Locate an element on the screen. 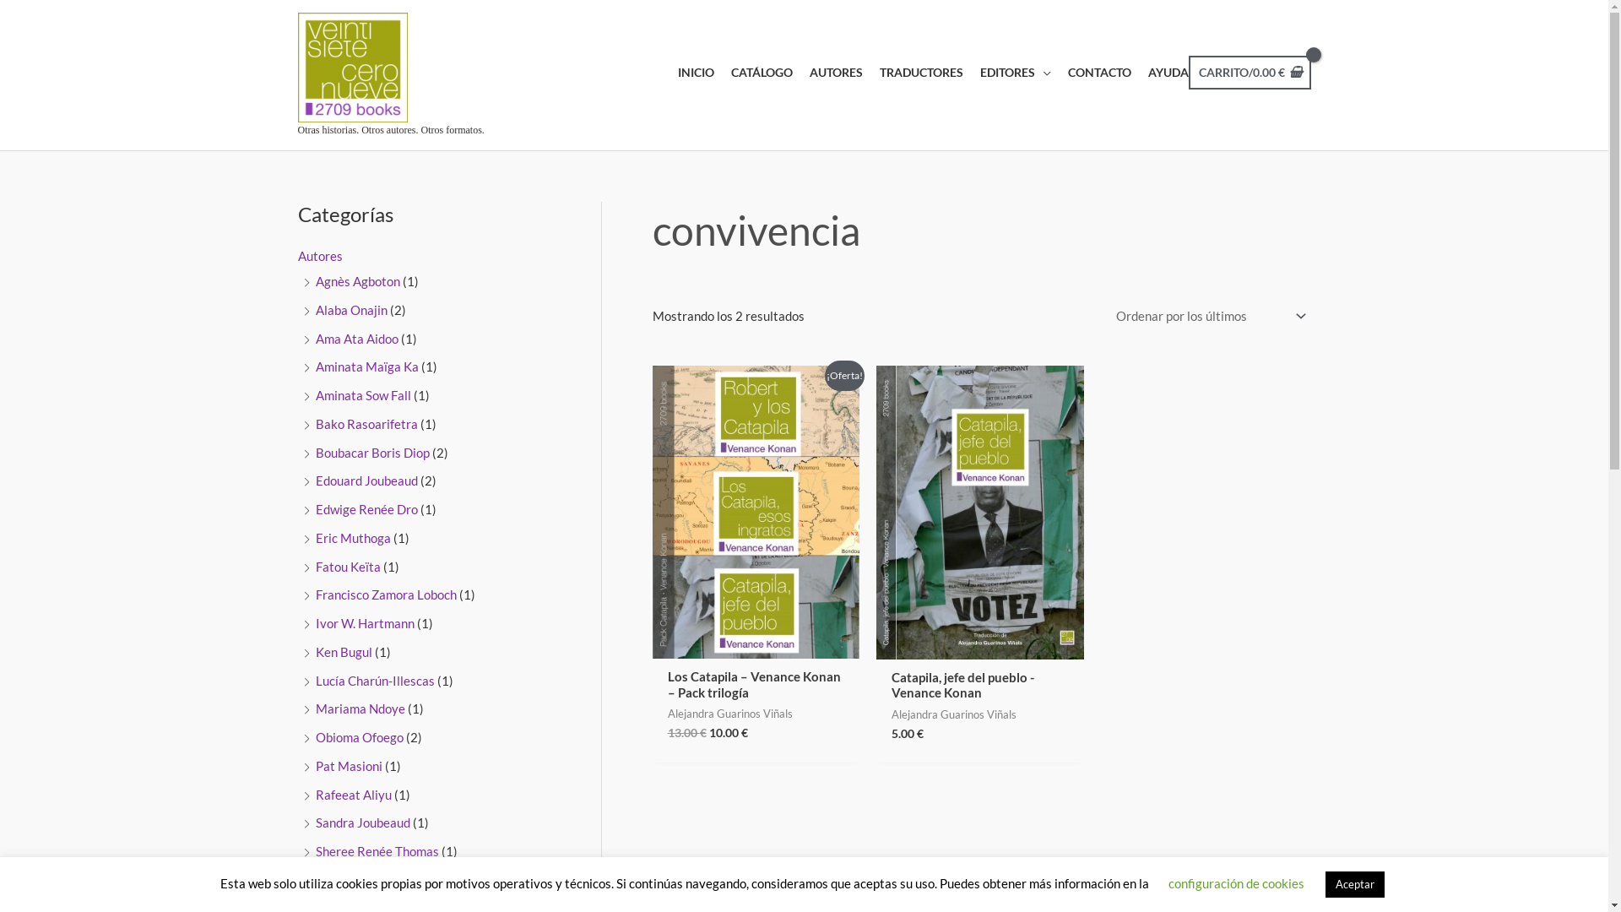  'Eric Muthoga' is located at coordinates (352, 537).